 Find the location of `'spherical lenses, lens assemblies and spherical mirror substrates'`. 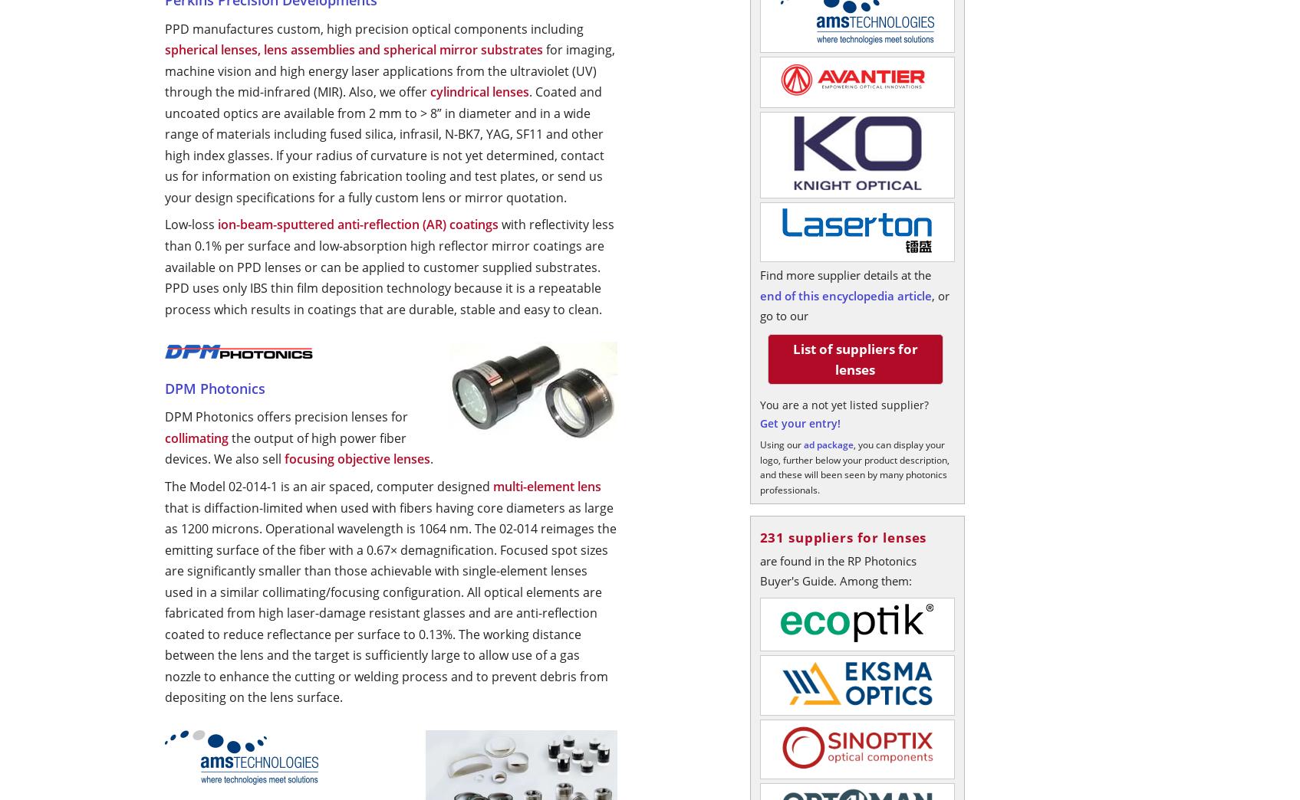

'spherical lenses, lens assemblies and spherical mirror substrates' is located at coordinates (353, 49).